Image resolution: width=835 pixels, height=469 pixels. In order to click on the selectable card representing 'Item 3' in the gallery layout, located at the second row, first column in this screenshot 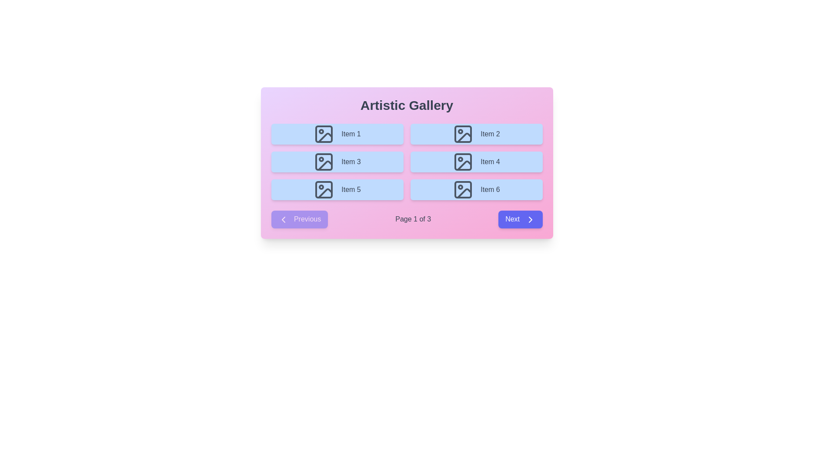, I will do `click(337, 162)`.